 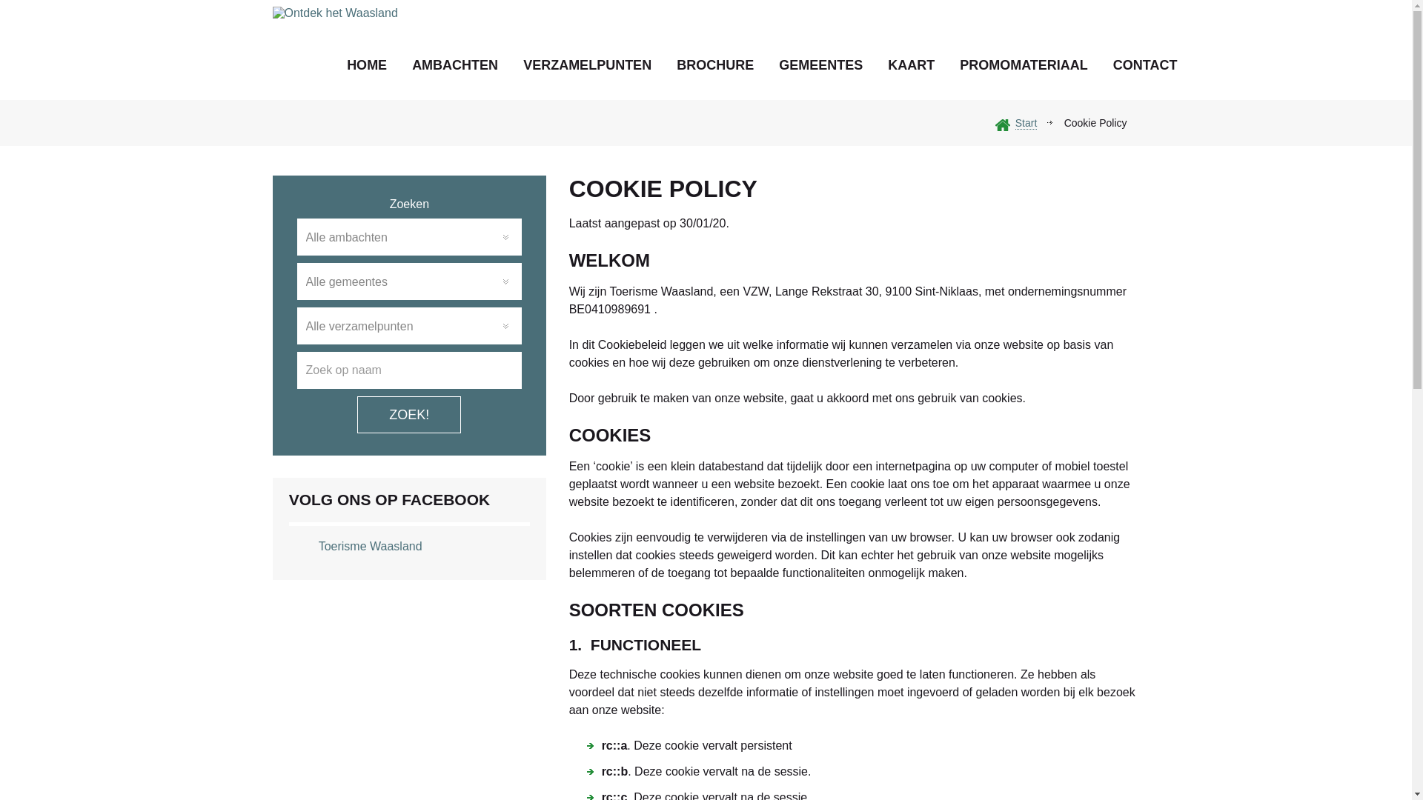 I want to click on 'HOME', so click(x=366, y=64).